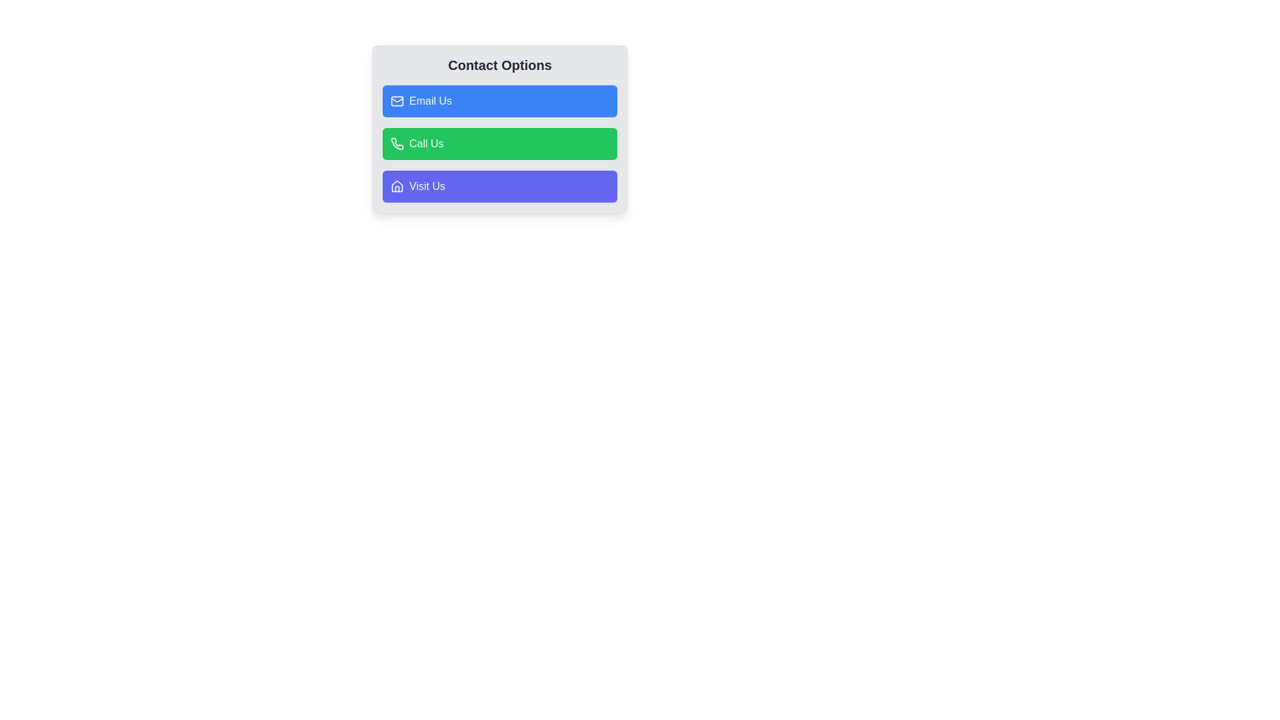 This screenshot has height=720, width=1280. Describe the element at coordinates (396, 143) in the screenshot. I see `the 'Call Us' button which contains the icon or vector graphic indicating the 'Call Us' action, located centrally within the 'Contact Options' section` at that location.